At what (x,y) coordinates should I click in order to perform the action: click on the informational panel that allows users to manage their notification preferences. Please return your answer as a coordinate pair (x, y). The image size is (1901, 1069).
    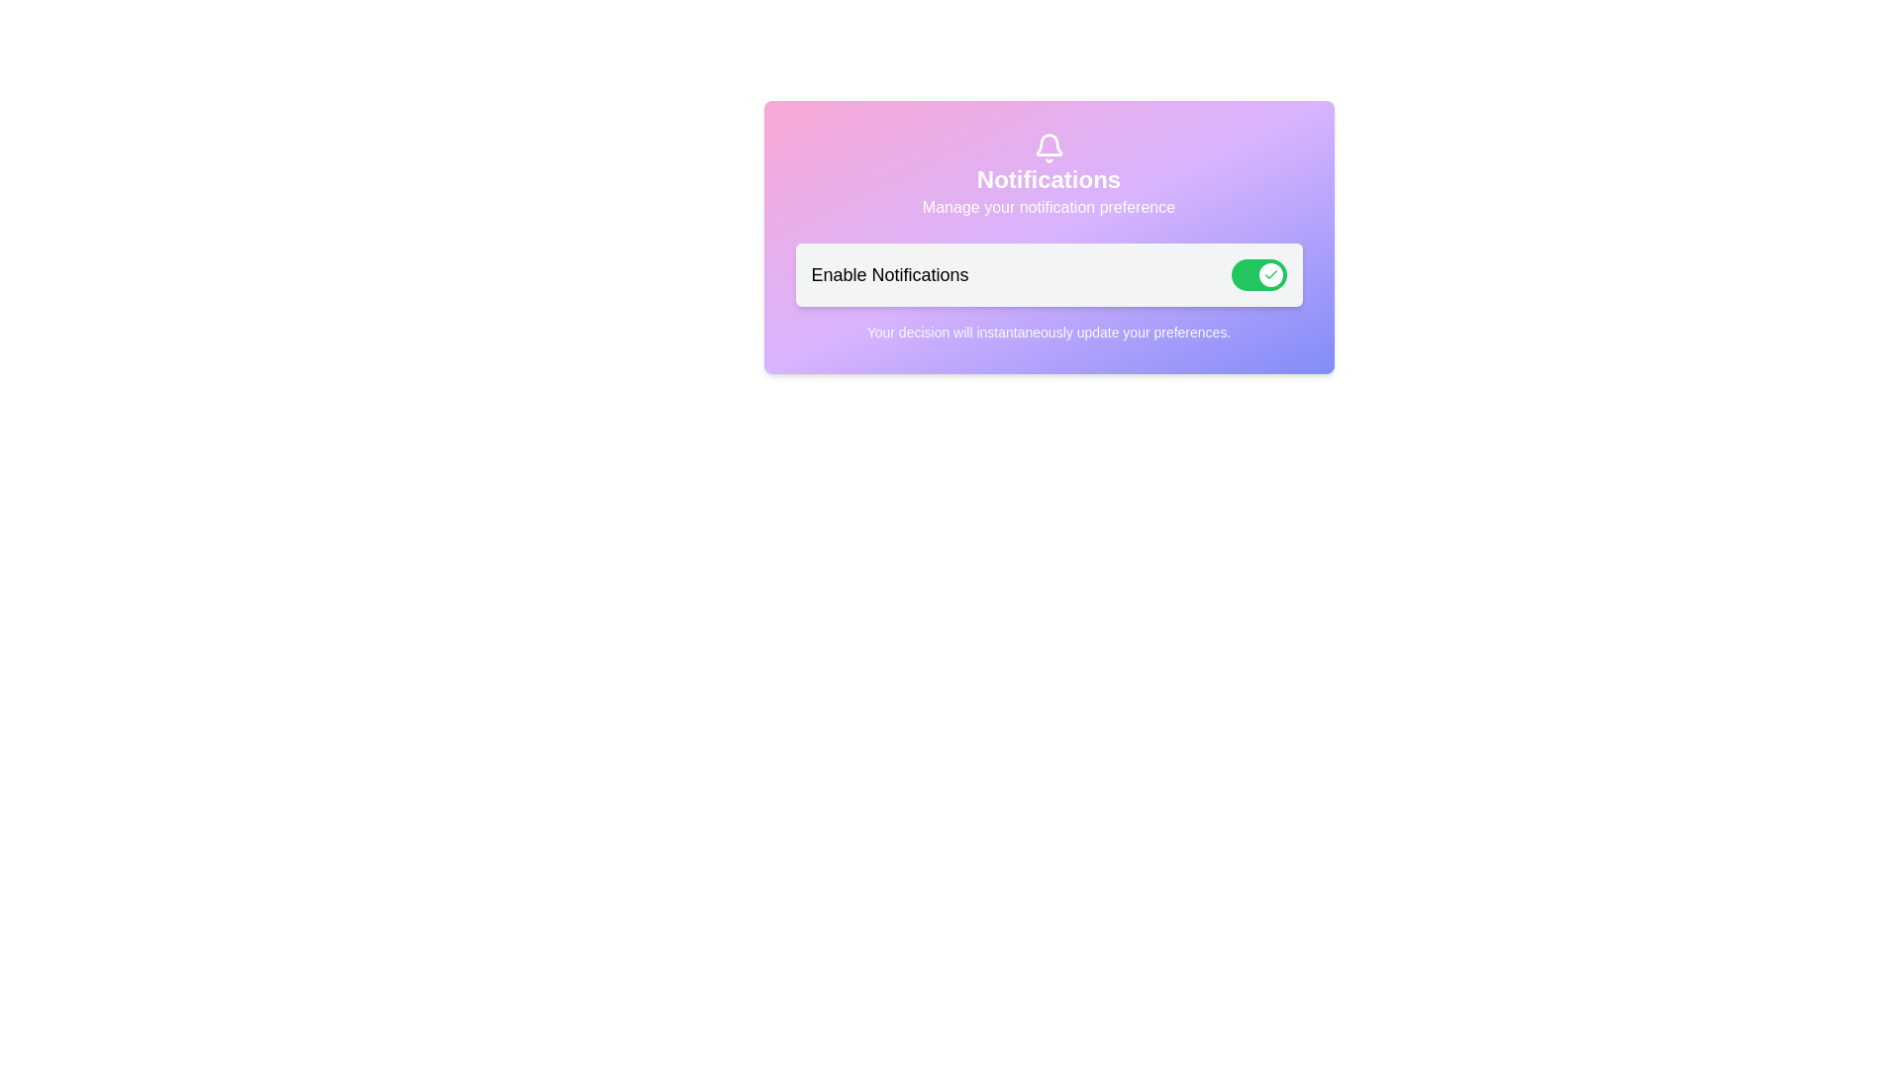
    Looking at the image, I should click on (1048, 236).